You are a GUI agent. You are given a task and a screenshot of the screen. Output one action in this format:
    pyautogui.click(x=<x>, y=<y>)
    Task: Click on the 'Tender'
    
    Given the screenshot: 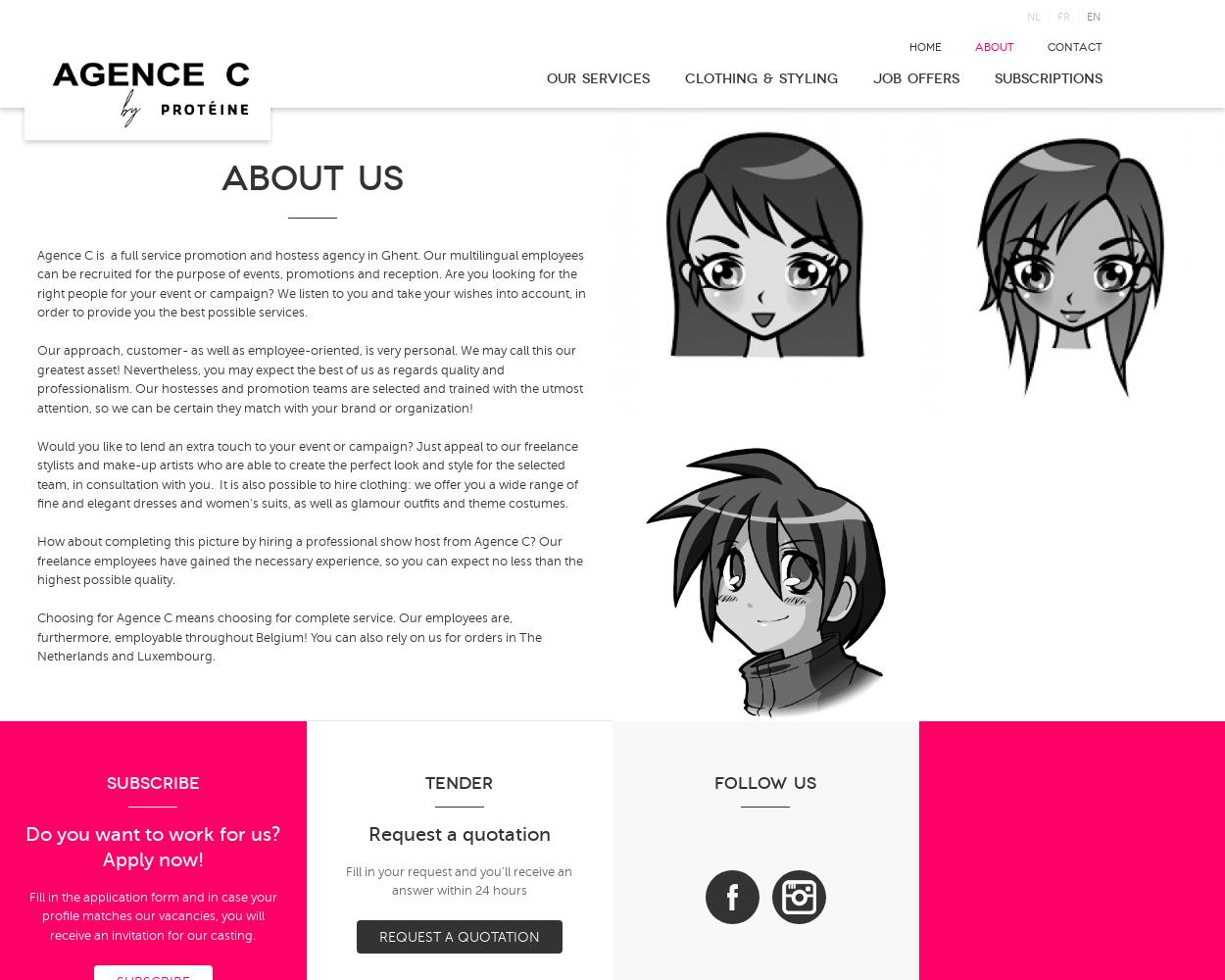 What is the action you would take?
    pyautogui.click(x=458, y=783)
    